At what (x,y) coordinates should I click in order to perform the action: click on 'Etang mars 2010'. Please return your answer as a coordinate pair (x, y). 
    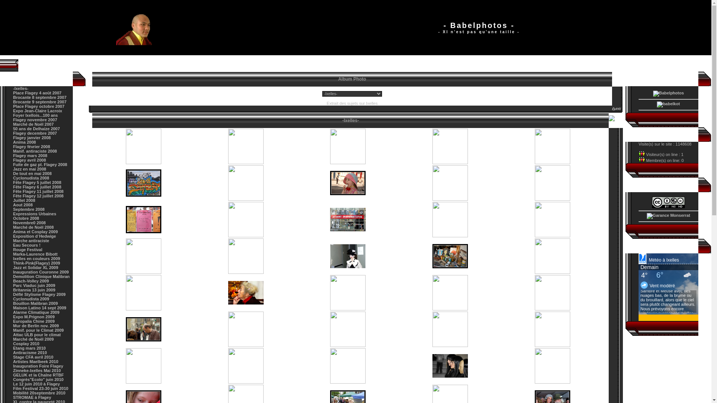
    Looking at the image, I should click on (29, 348).